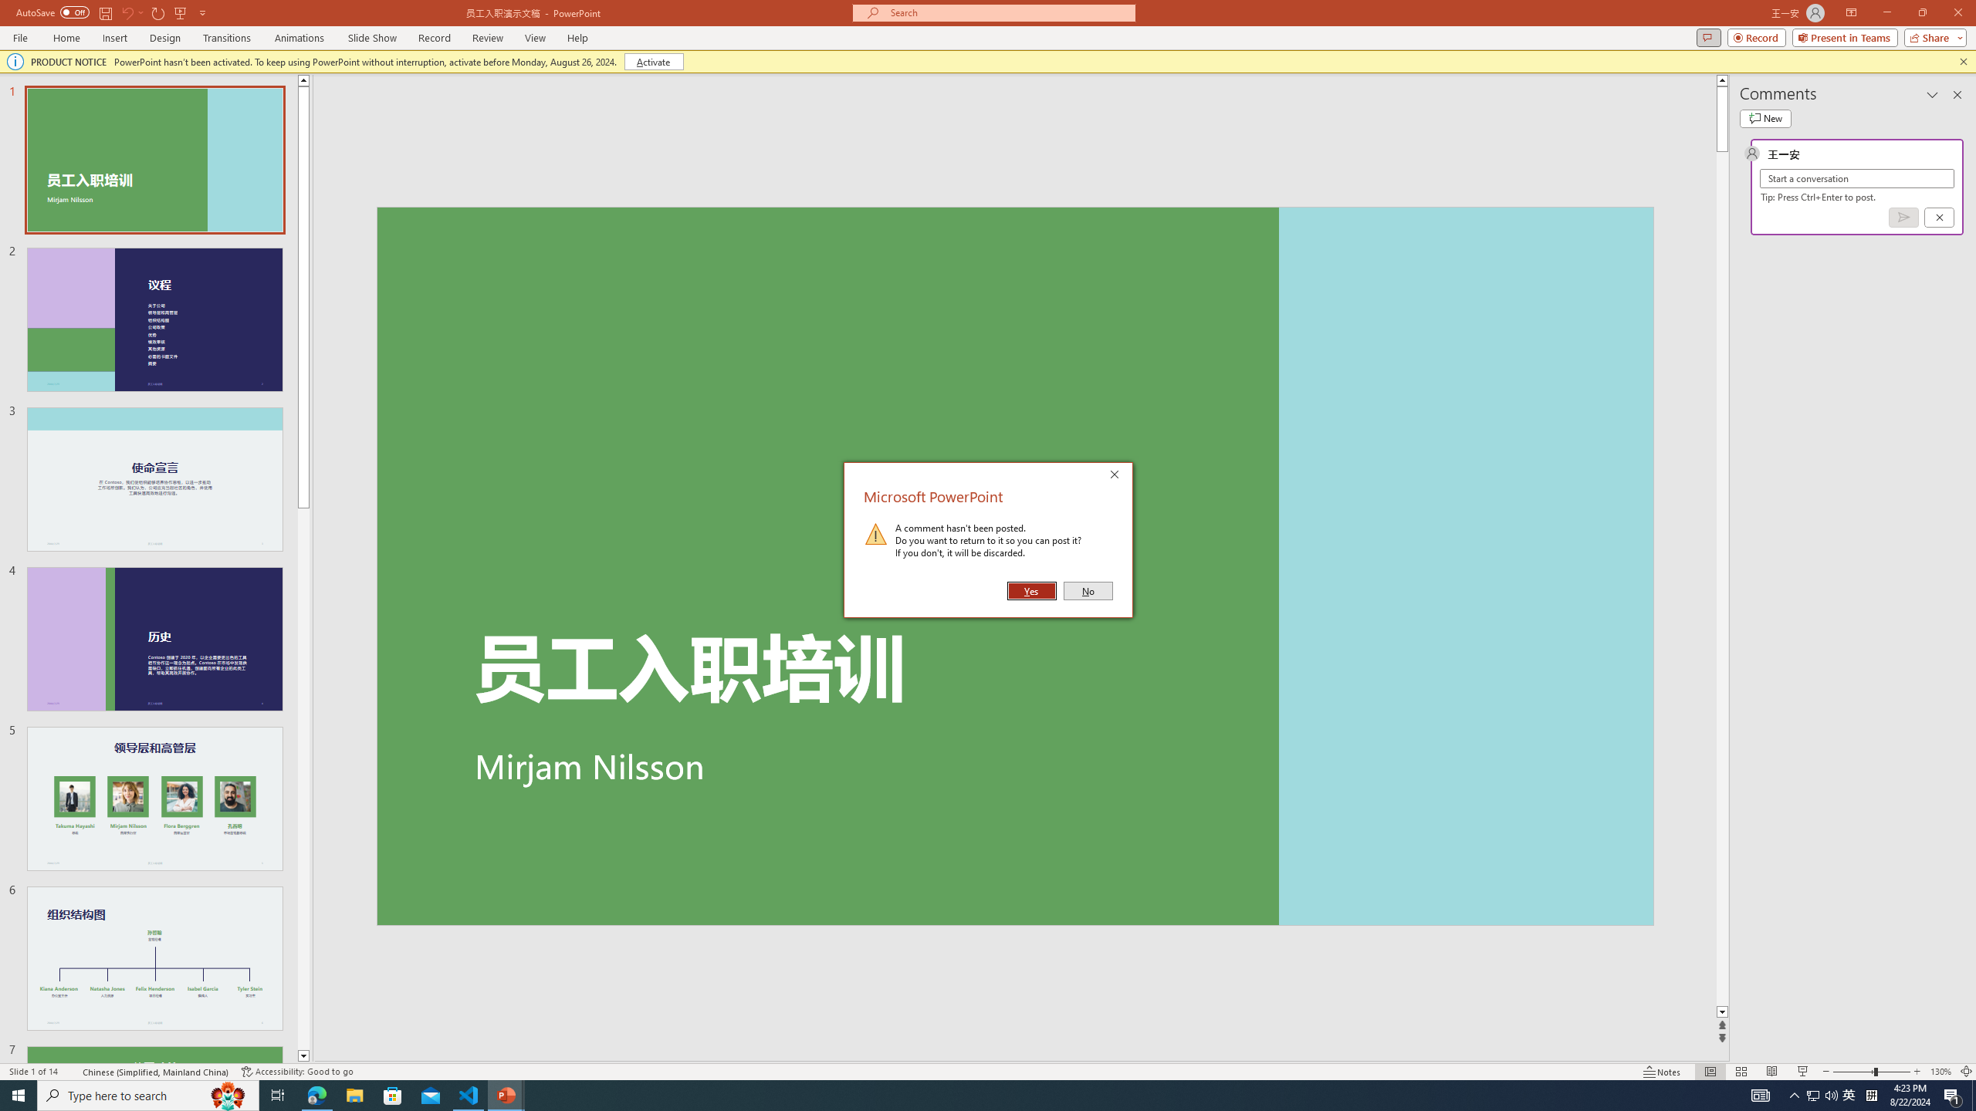  What do you see at coordinates (1032, 590) in the screenshot?
I see `'Yes'` at bounding box center [1032, 590].